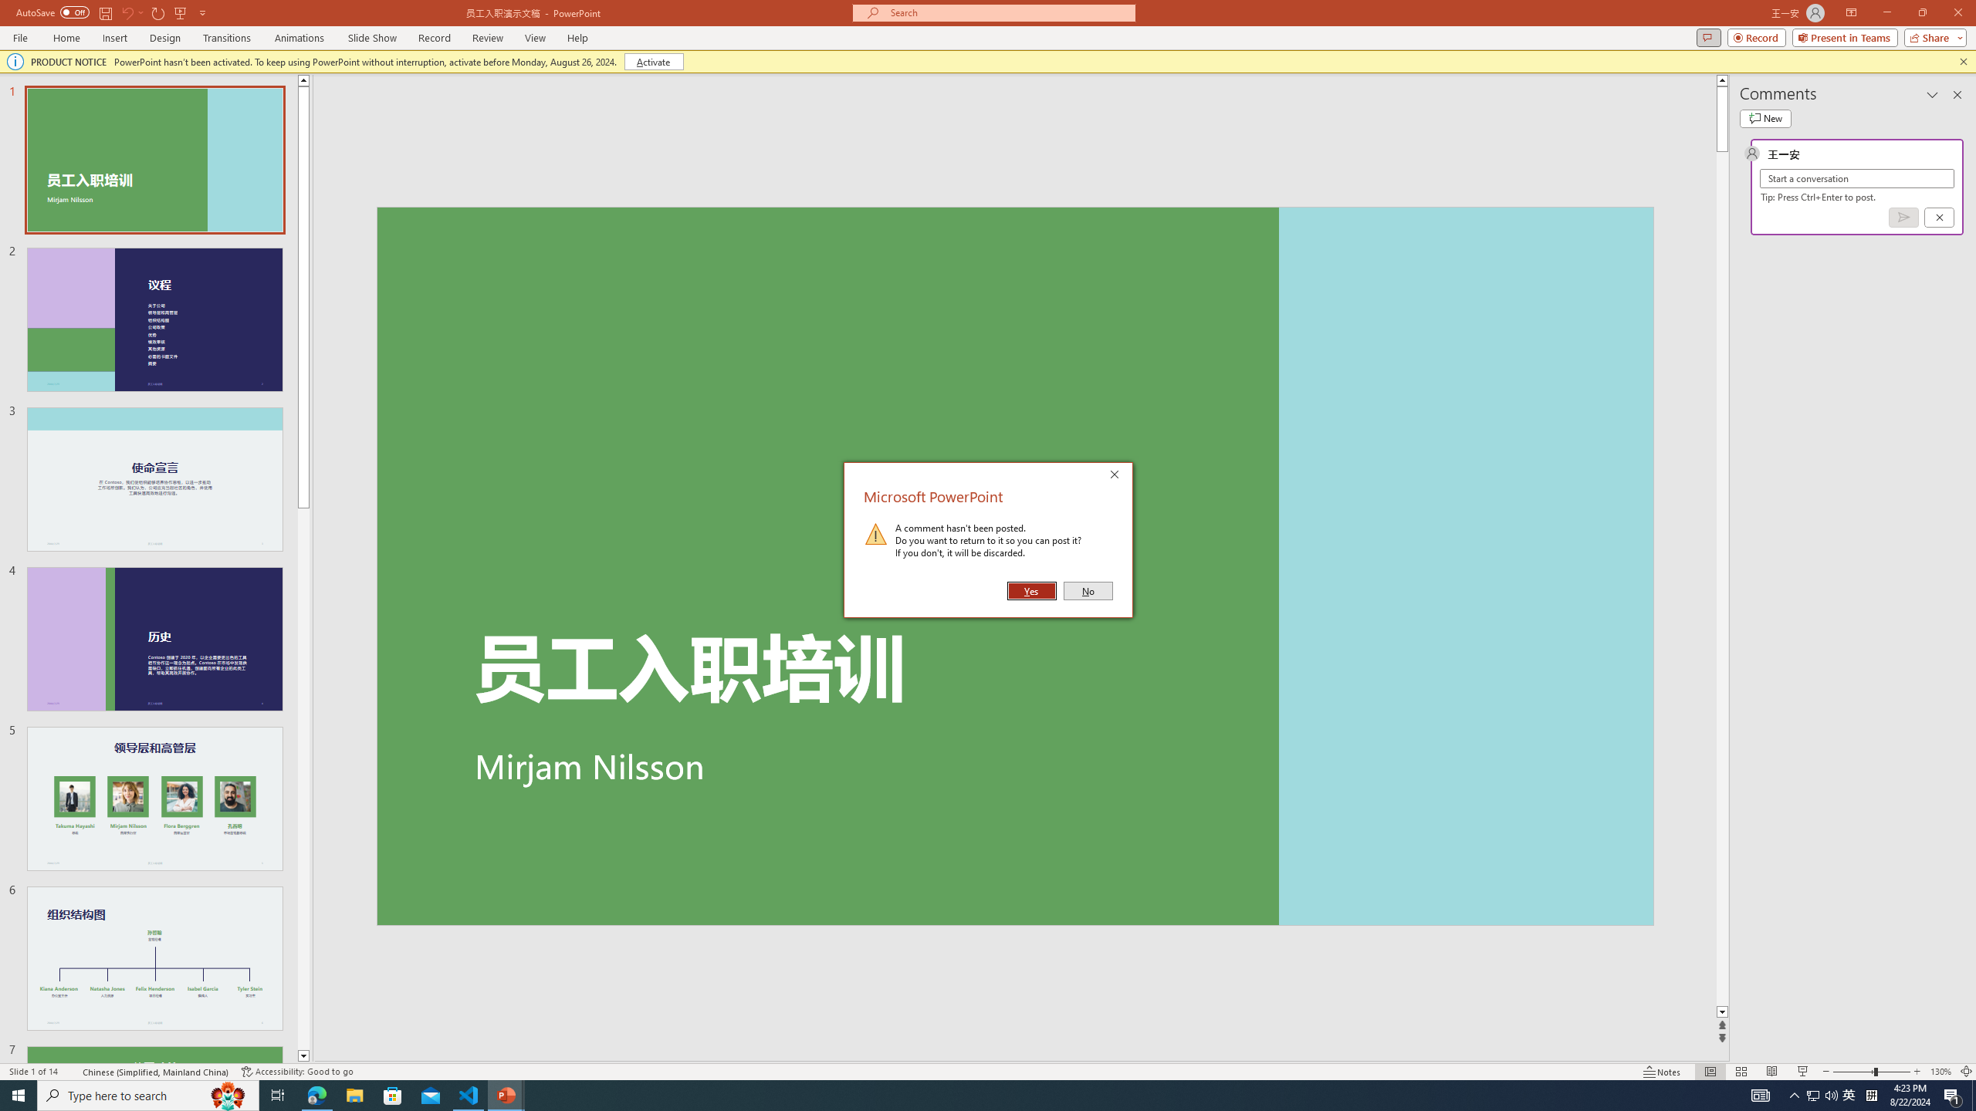  What do you see at coordinates (1032, 590) in the screenshot?
I see `'Yes'` at bounding box center [1032, 590].